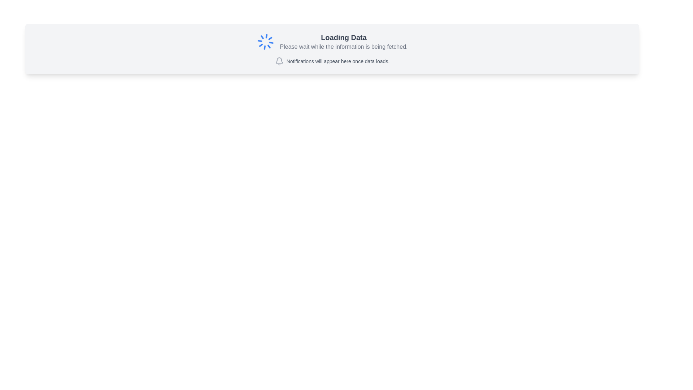 The height and width of the screenshot is (390, 693). What do you see at coordinates (279, 61) in the screenshot?
I see `the bell icon representing notifications, which is located beside the text 'Notifications will appear here once data loads.'` at bounding box center [279, 61].